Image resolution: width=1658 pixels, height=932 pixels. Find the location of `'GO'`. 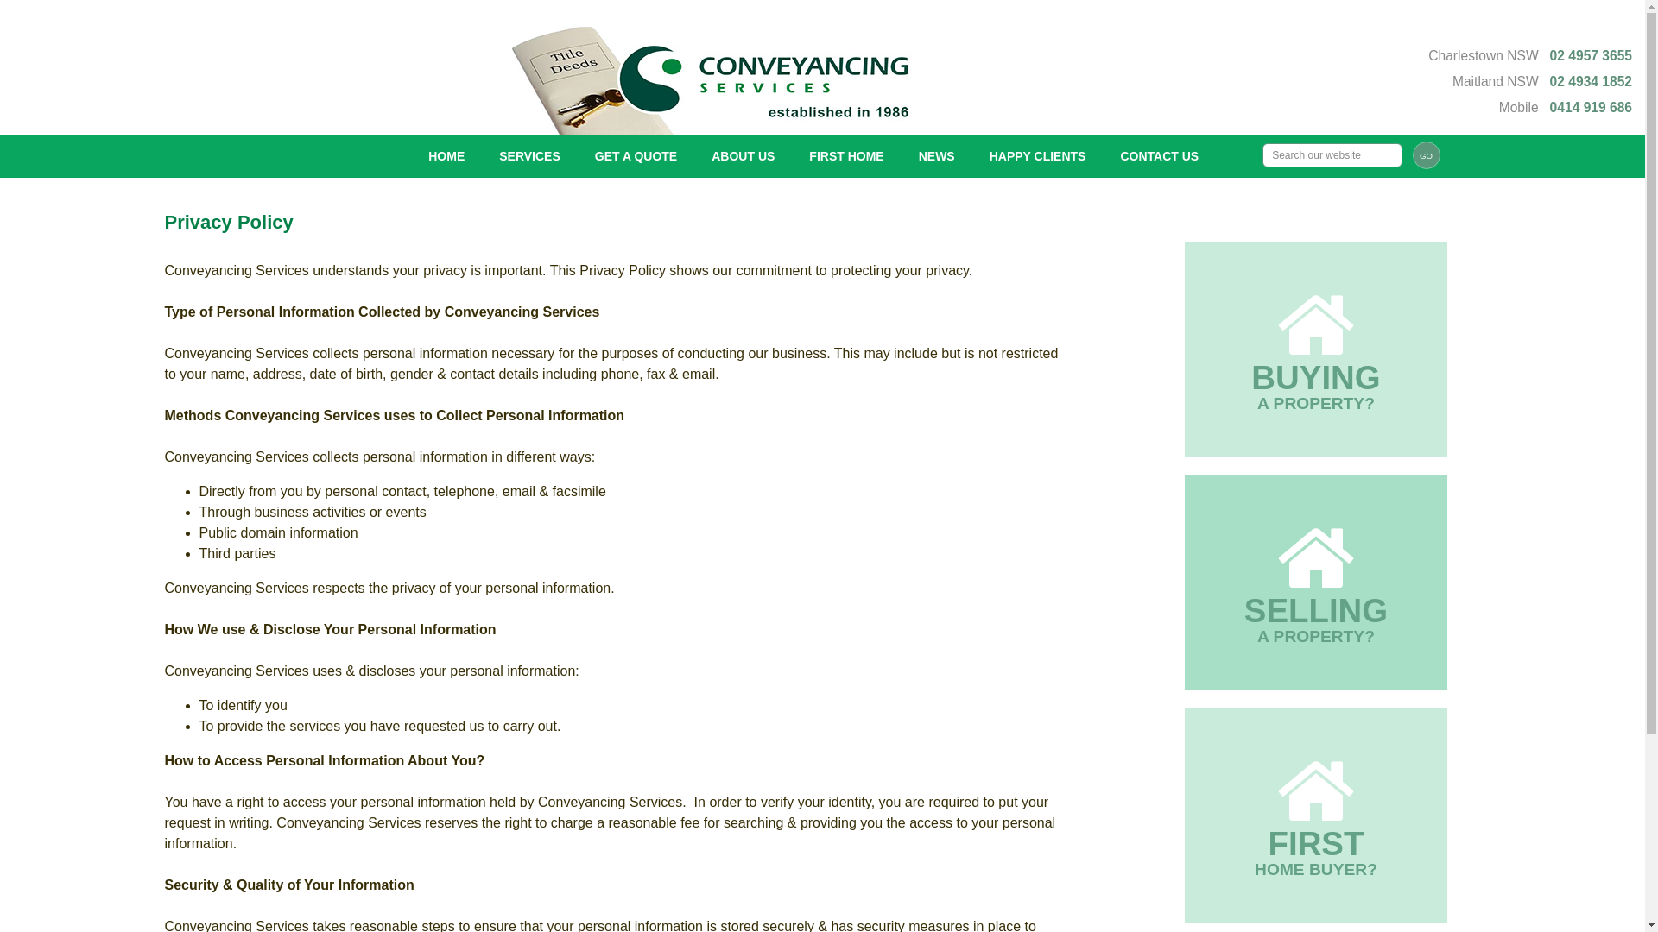

'GO' is located at coordinates (1426, 155).